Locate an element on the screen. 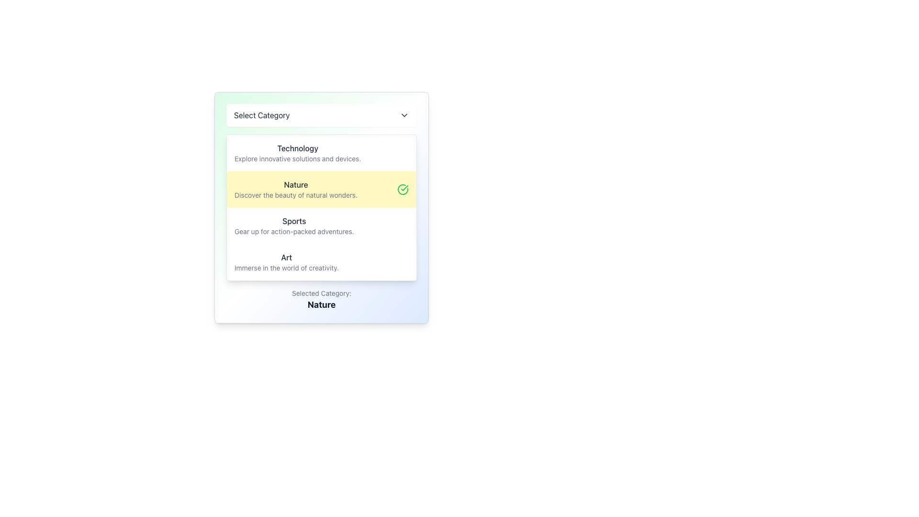 This screenshot has width=919, height=517. the descriptive text label located directly below the 'Nature' category in the dropdown list under 'Select Category' is located at coordinates (295, 195).